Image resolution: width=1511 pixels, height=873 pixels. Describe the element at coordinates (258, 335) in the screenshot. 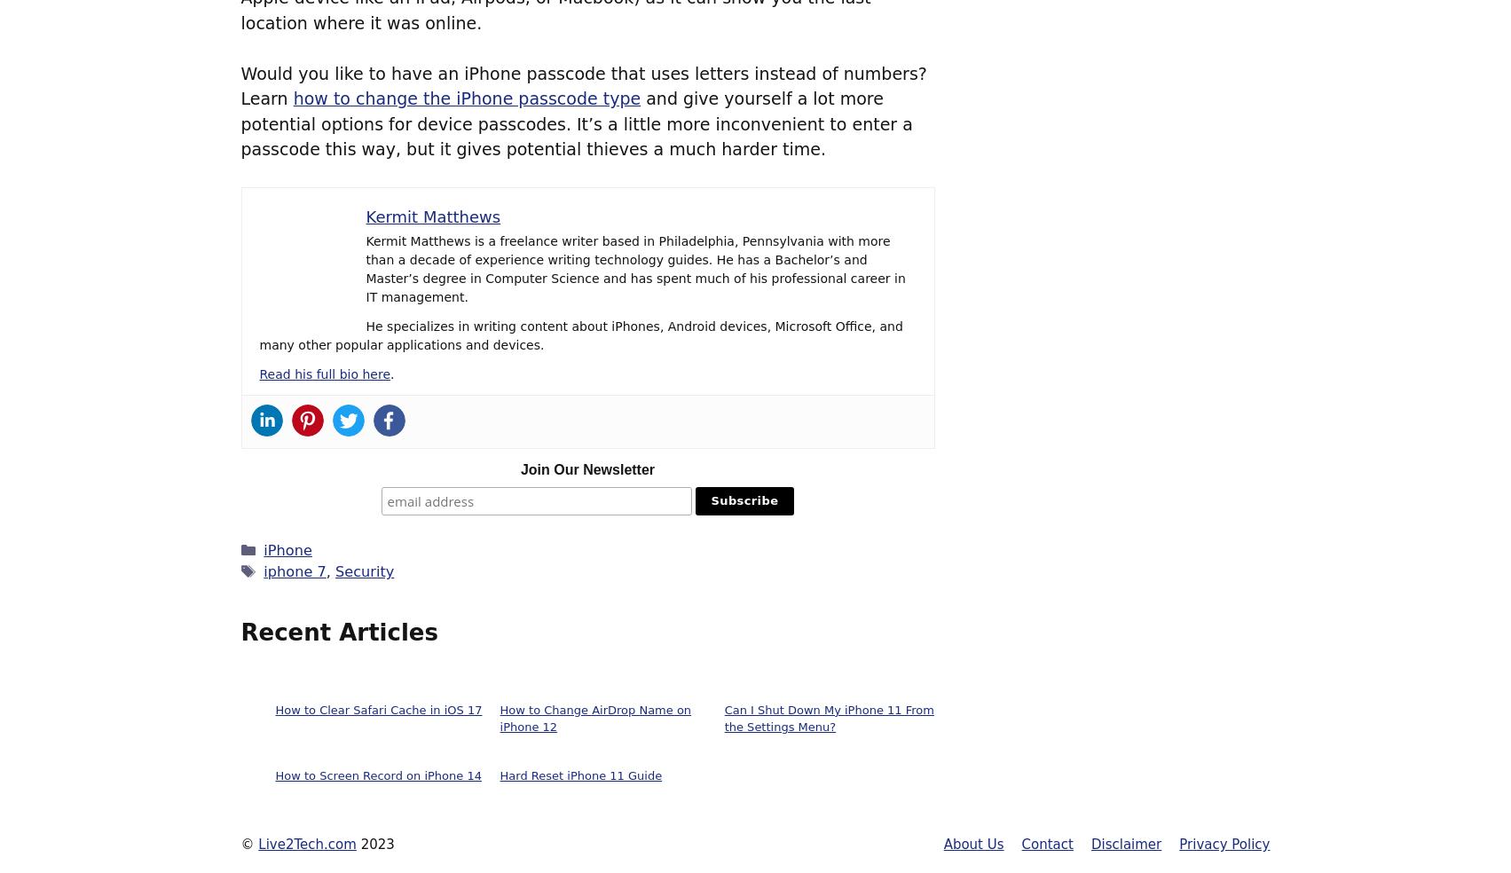

I see `'He specializes in writing content about iPhones, Android devices, Microsoft Office, and many other popular applications and devices.'` at that location.